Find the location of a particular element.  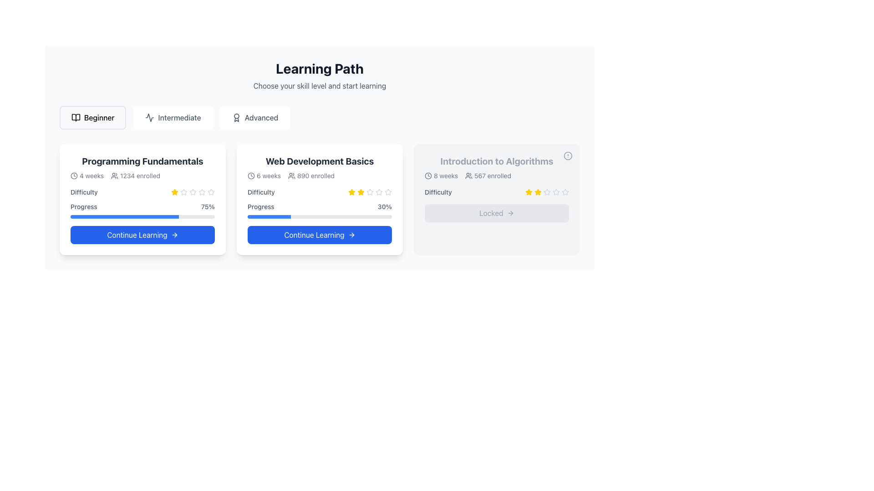

the 'Beginner' icon, which visually represents the beginner learning option, located to the left of the text 'Beginner' is located at coordinates (76, 117).